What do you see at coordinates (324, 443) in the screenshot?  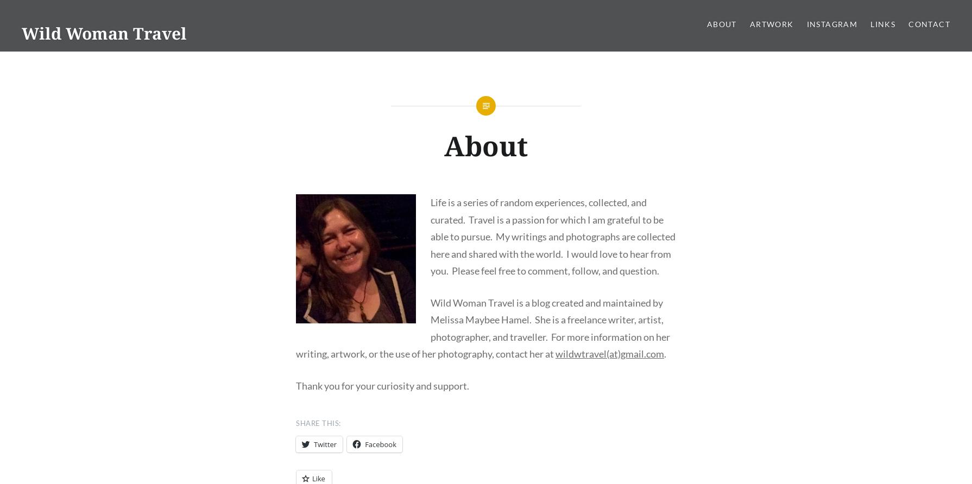 I see `'Twitter'` at bounding box center [324, 443].